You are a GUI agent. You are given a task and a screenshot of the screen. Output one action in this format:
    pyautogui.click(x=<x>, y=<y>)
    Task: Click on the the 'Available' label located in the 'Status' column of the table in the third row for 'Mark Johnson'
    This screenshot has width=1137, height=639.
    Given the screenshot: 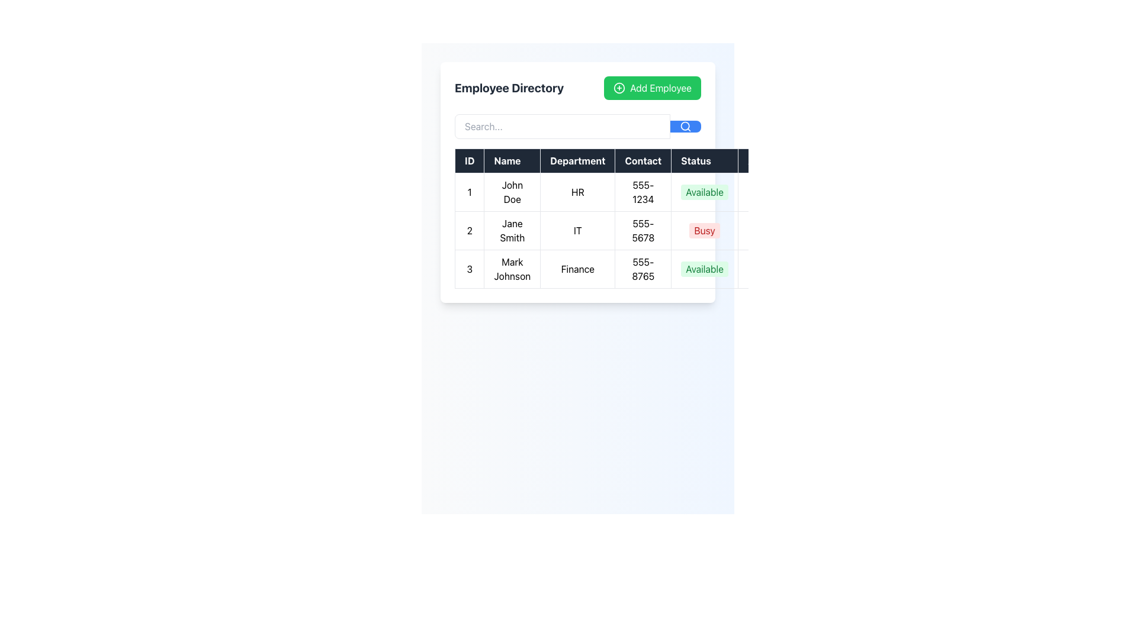 What is the action you would take?
    pyautogui.click(x=705, y=269)
    